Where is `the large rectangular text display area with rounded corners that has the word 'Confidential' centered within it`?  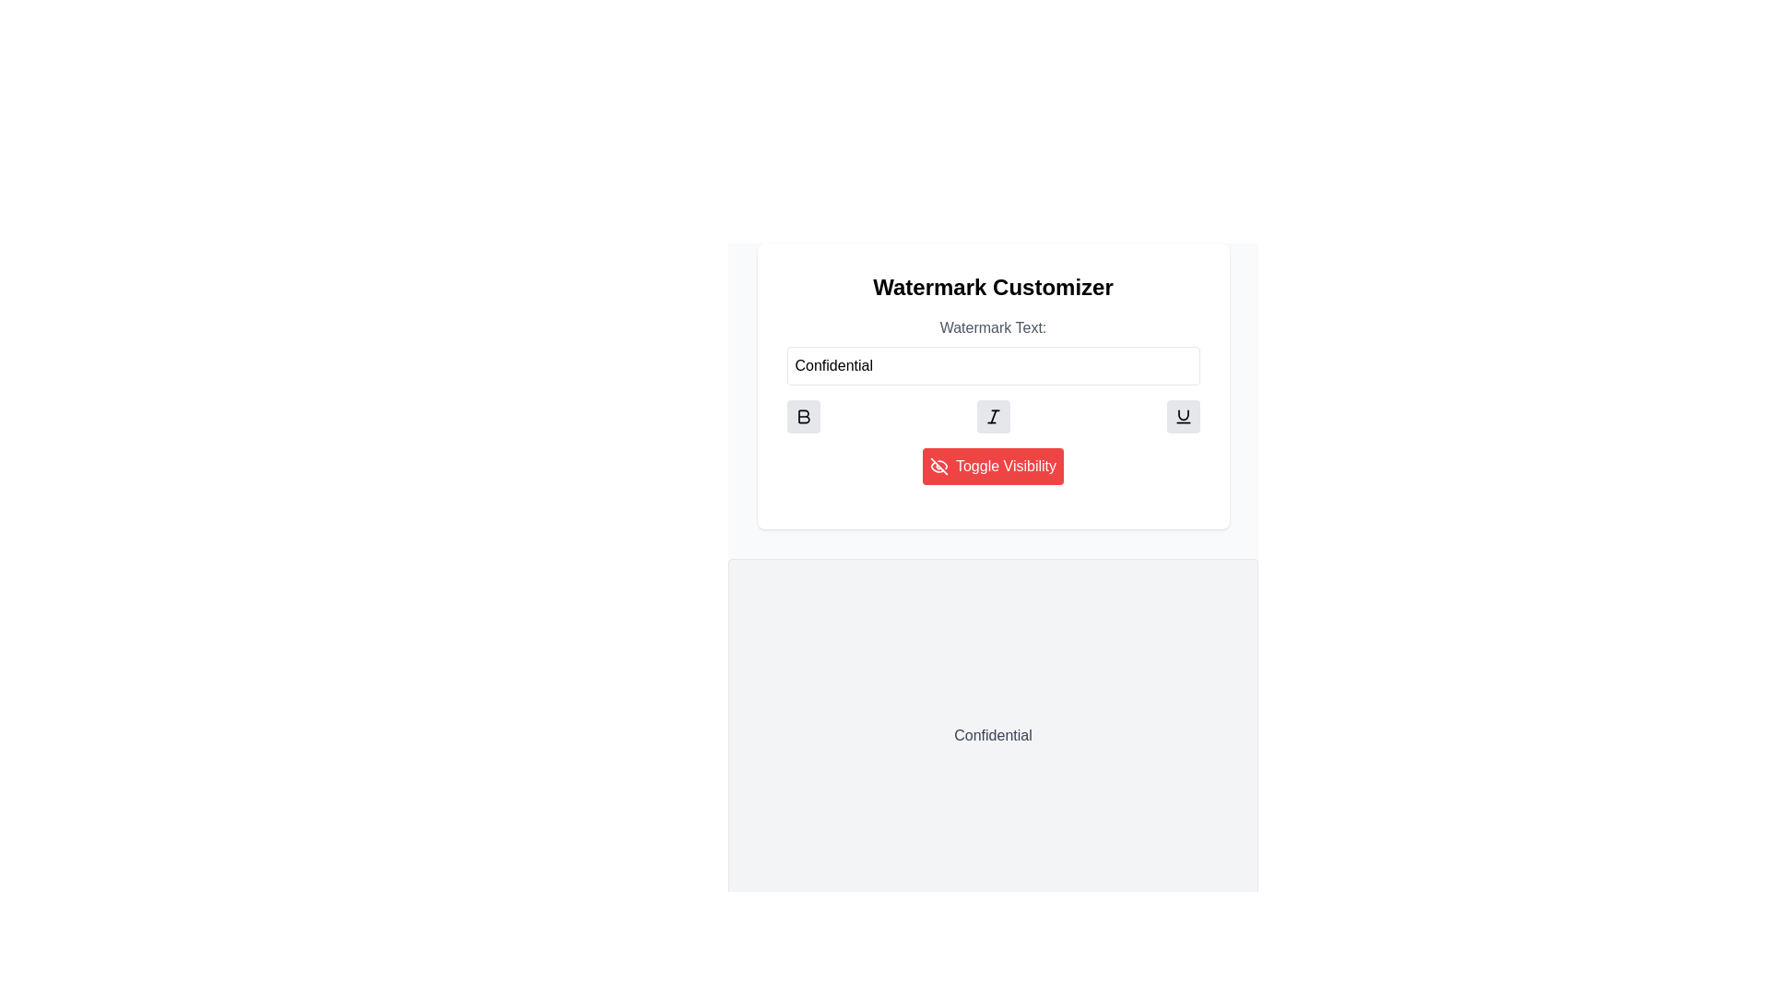
the large rectangular text display area with rounded corners that has the word 'Confidential' centered within it is located at coordinates (992, 735).